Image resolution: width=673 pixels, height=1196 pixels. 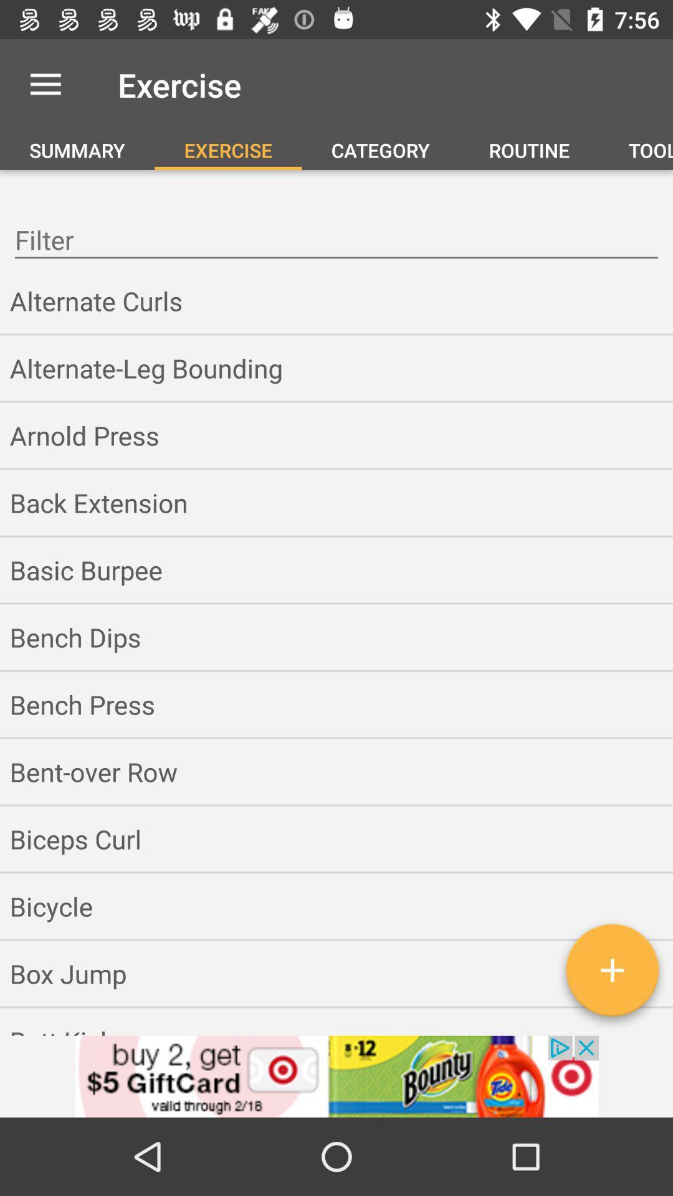 I want to click on in the apps, so click(x=611, y=974).